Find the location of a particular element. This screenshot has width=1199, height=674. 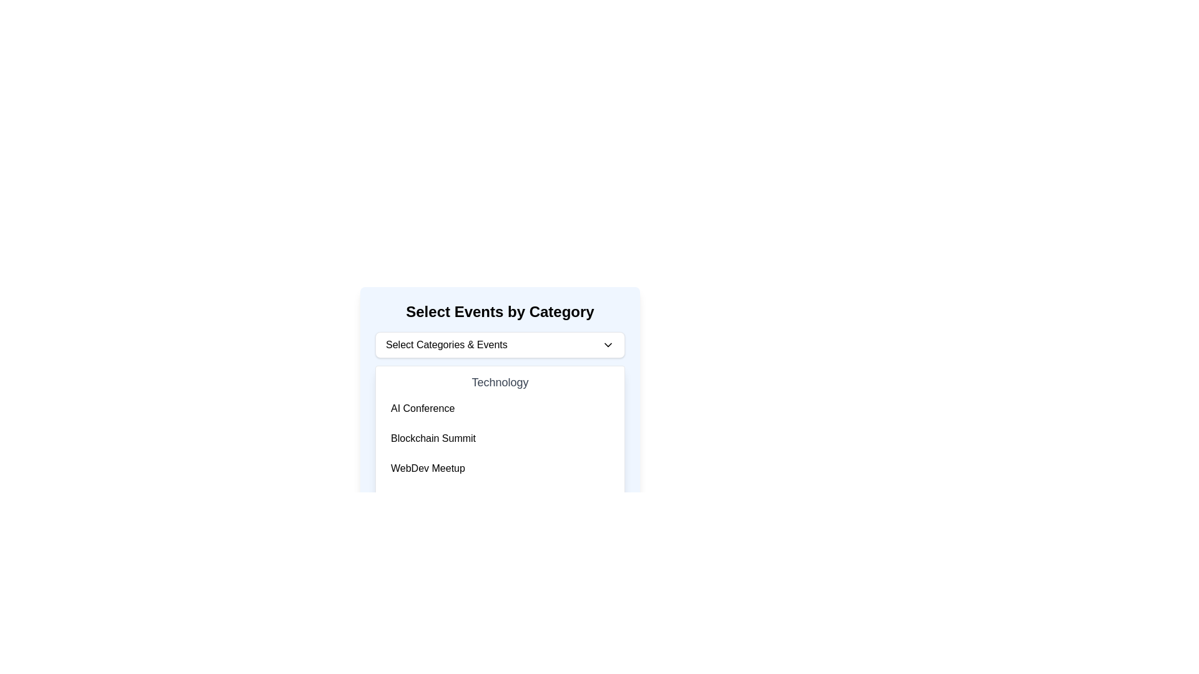

the dropdown menu button labeled 'Select Categories & Events' is located at coordinates (500, 344).